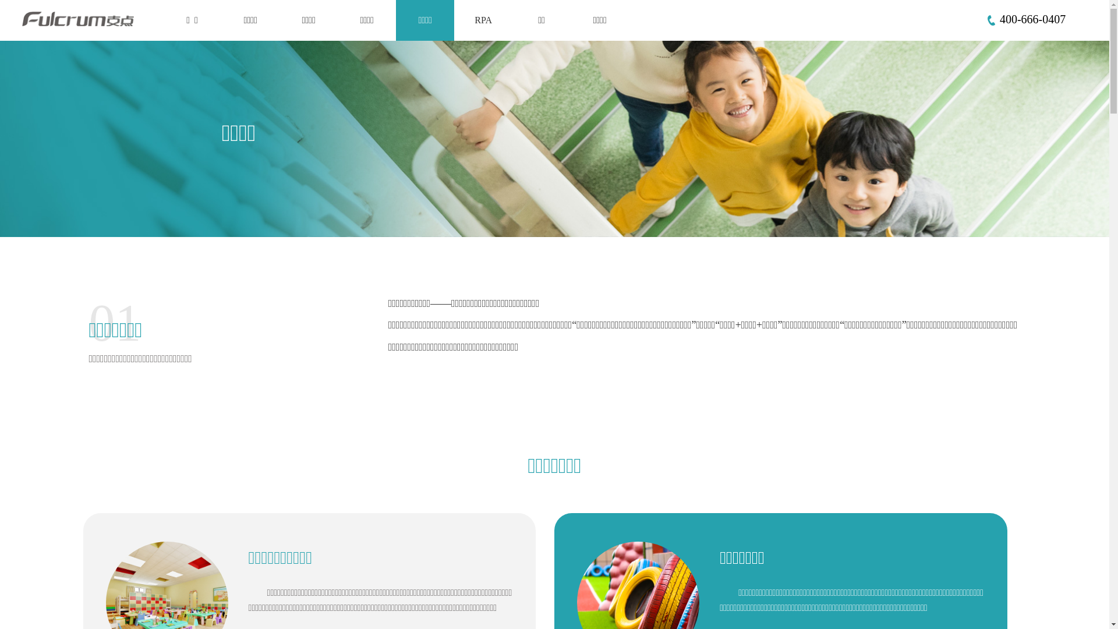  Describe the element at coordinates (483, 20) in the screenshot. I see `'RPA'` at that location.